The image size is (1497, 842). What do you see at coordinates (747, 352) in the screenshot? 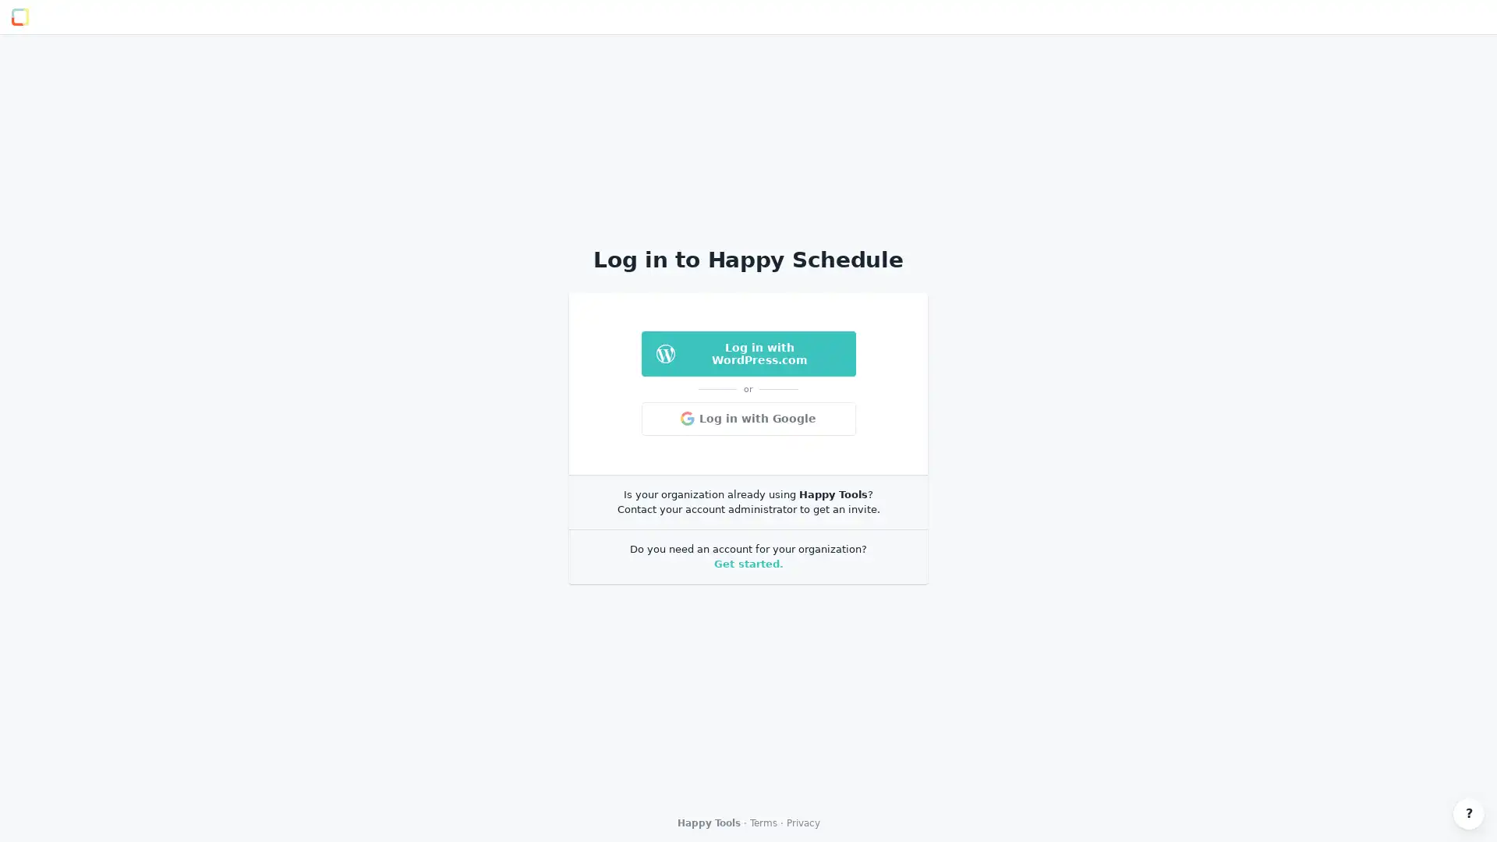
I see `Log in with WordPress.com` at bounding box center [747, 352].